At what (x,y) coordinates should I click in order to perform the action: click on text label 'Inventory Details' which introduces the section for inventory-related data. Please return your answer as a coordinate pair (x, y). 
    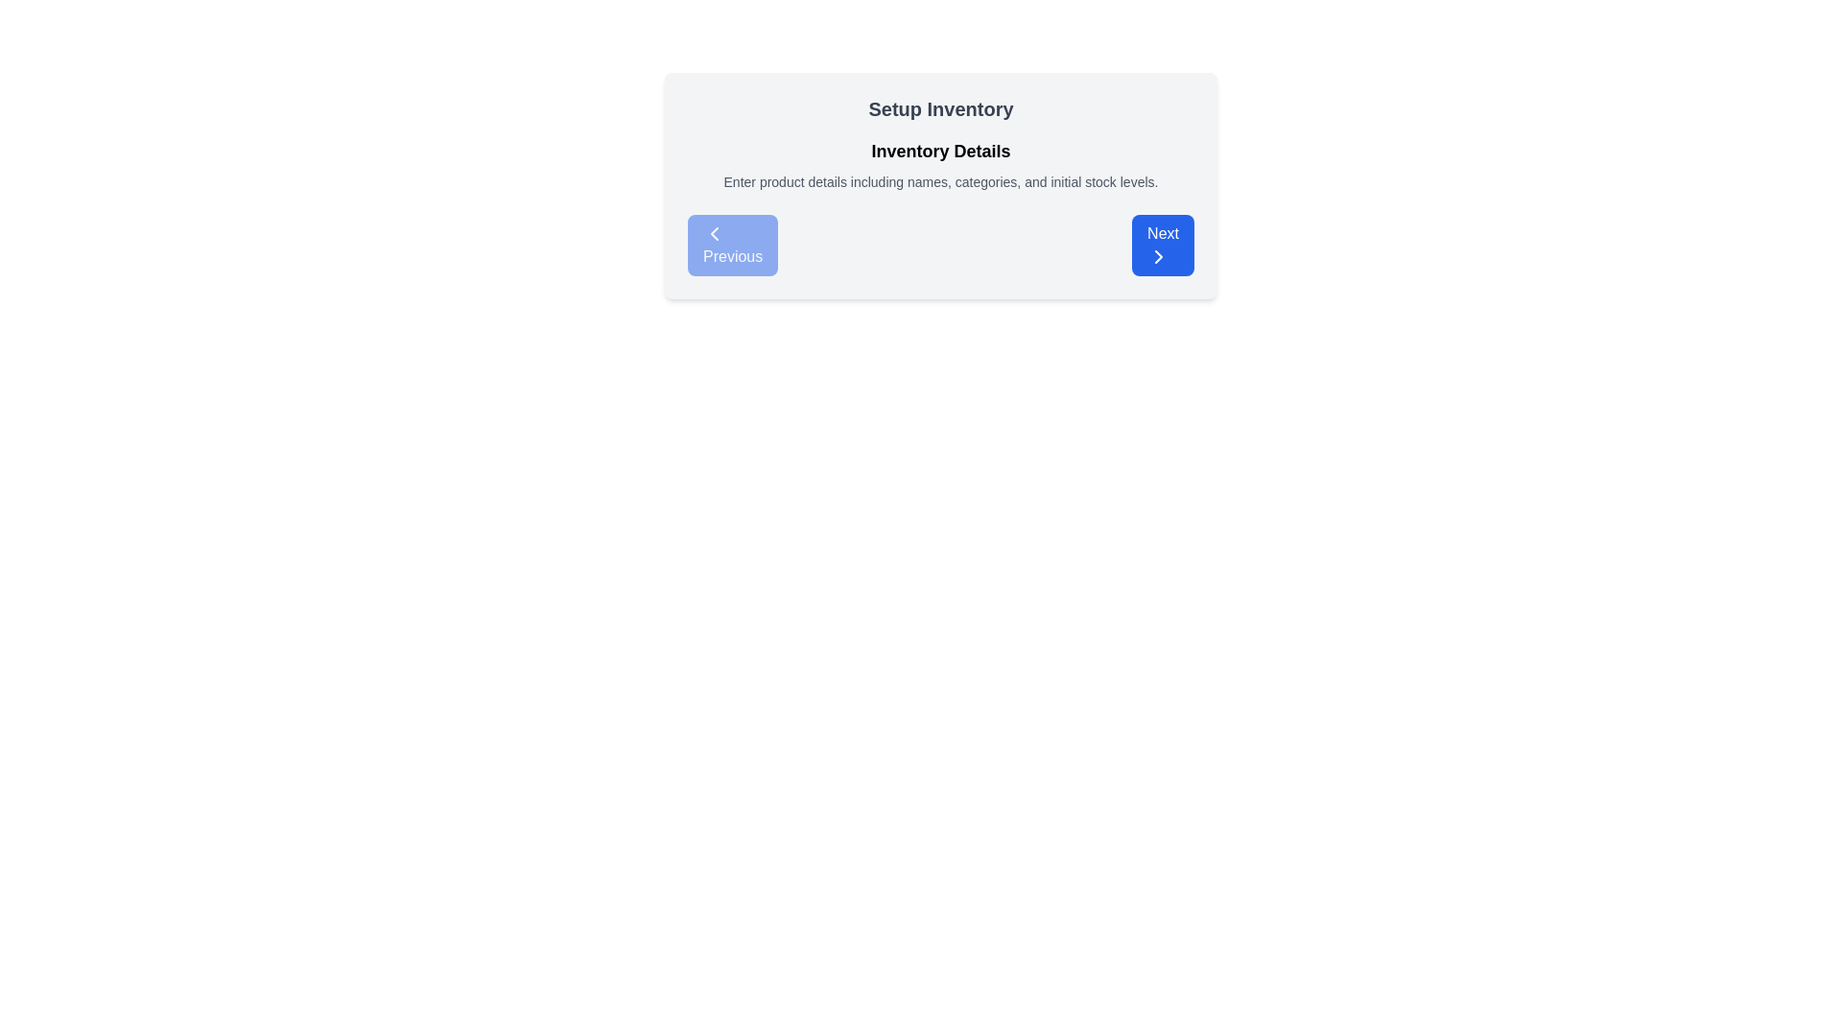
    Looking at the image, I should click on (940, 151).